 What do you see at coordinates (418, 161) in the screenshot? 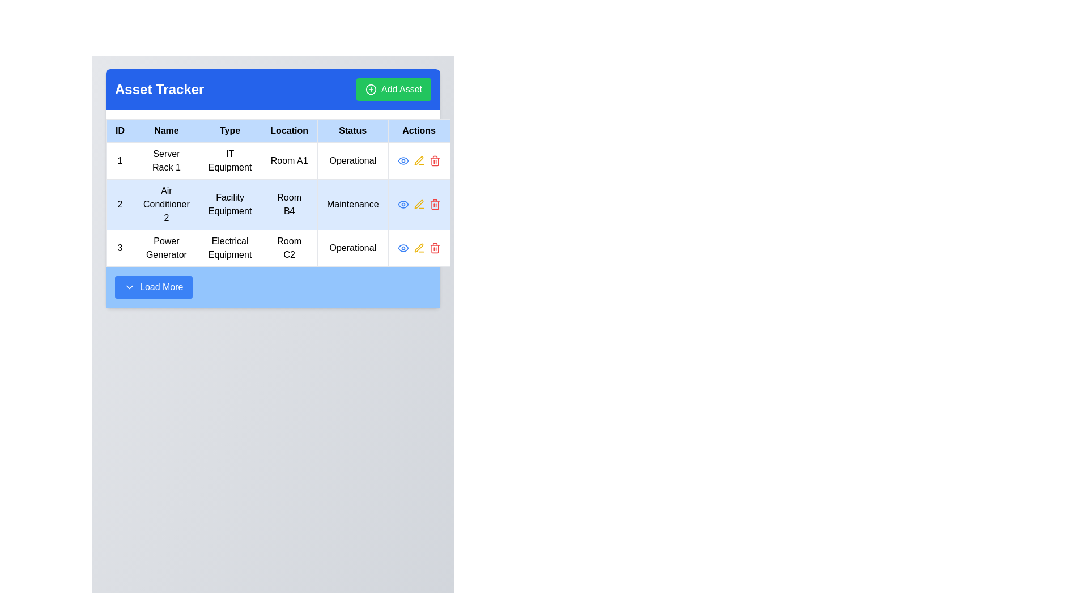
I see `the edit button located in the 'Actions' column of the third row of the table` at bounding box center [418, 161].